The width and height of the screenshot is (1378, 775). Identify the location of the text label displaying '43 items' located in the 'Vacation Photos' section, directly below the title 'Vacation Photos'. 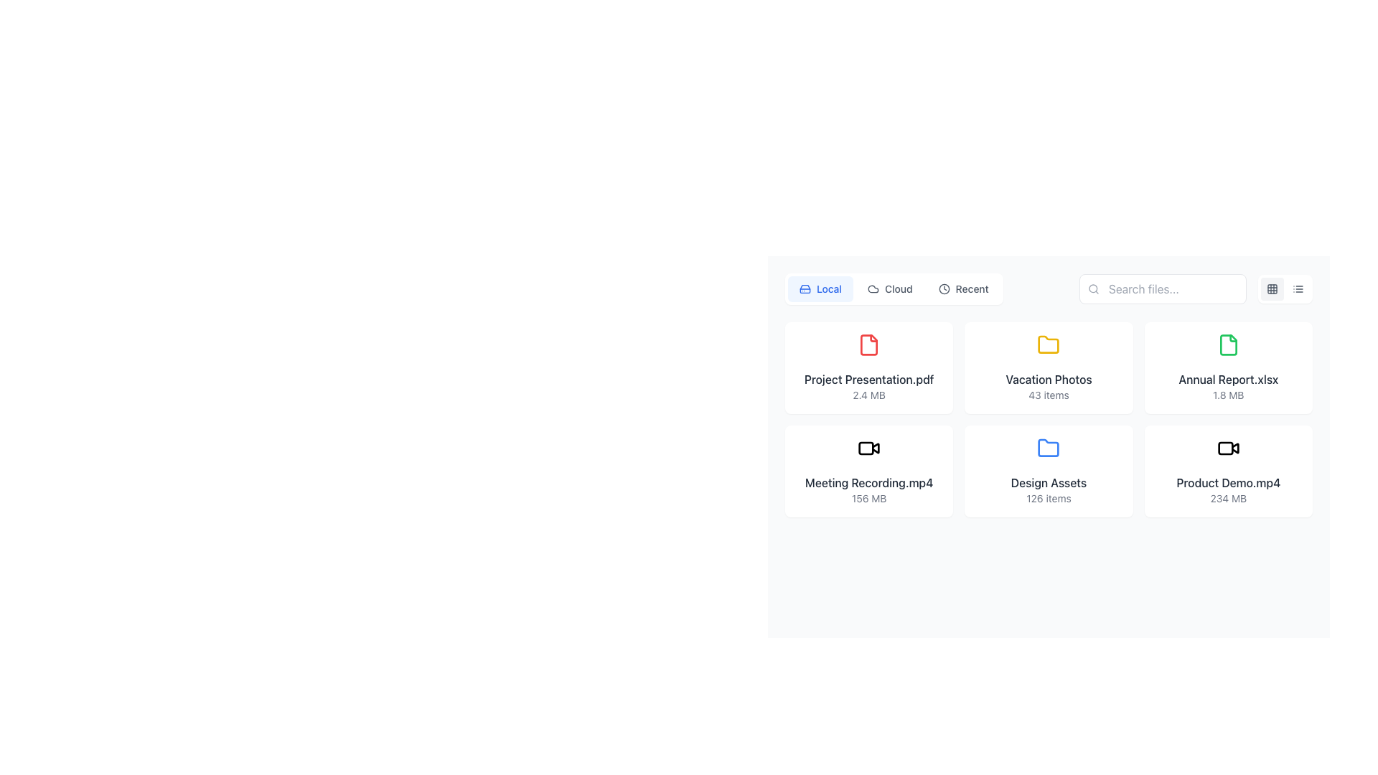
(1049, 395).